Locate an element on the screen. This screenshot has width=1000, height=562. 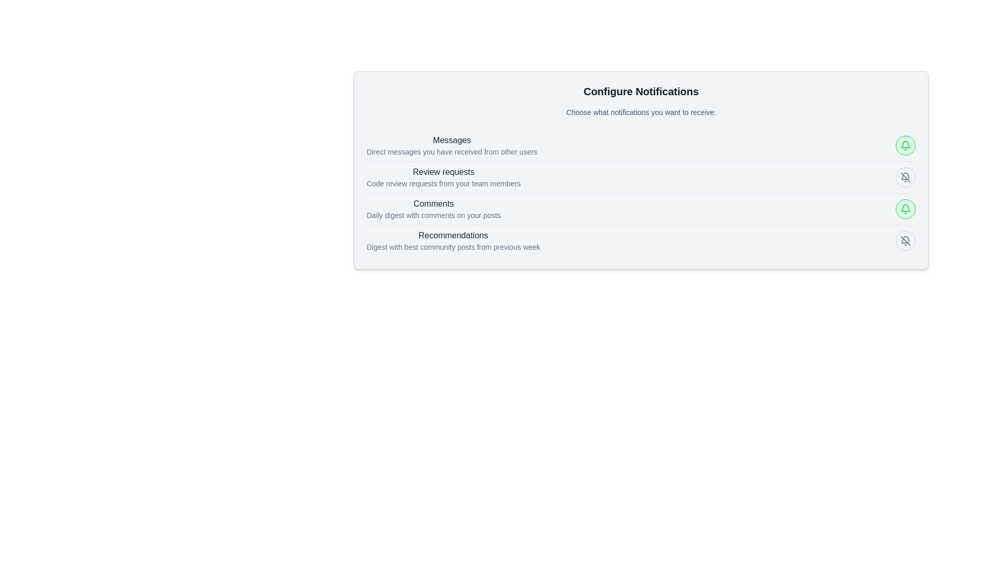
the text label that reads 'Messages' at the top of the 'Configure Notifications' section is located at coordinates (452, 146).